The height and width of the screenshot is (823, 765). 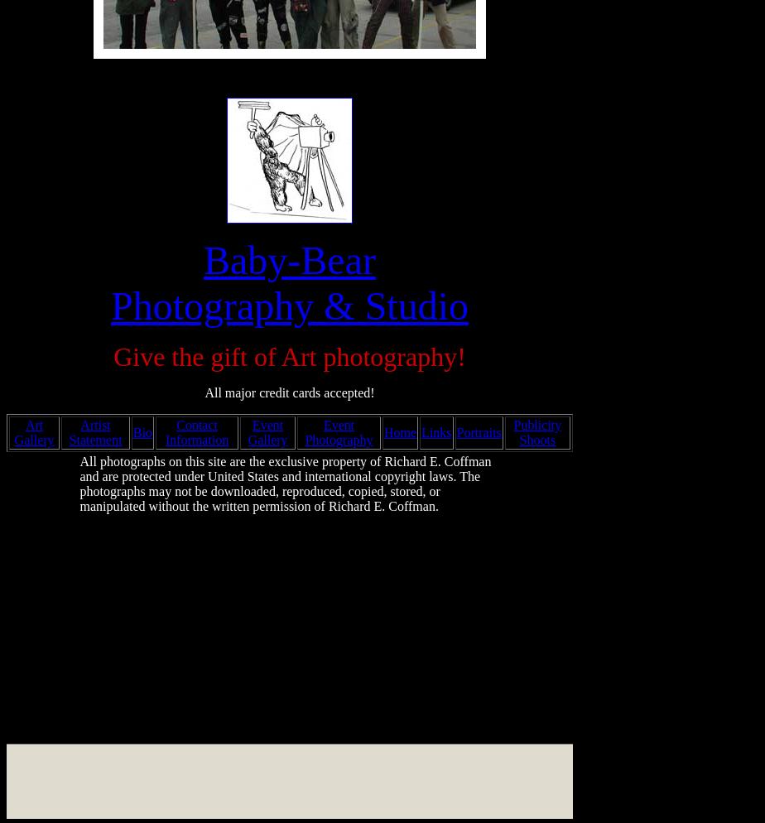 What do you see at coordinates (267, 432) in the screenshot?
I see `'Event Gallery'` at bounding box center [267, 432].